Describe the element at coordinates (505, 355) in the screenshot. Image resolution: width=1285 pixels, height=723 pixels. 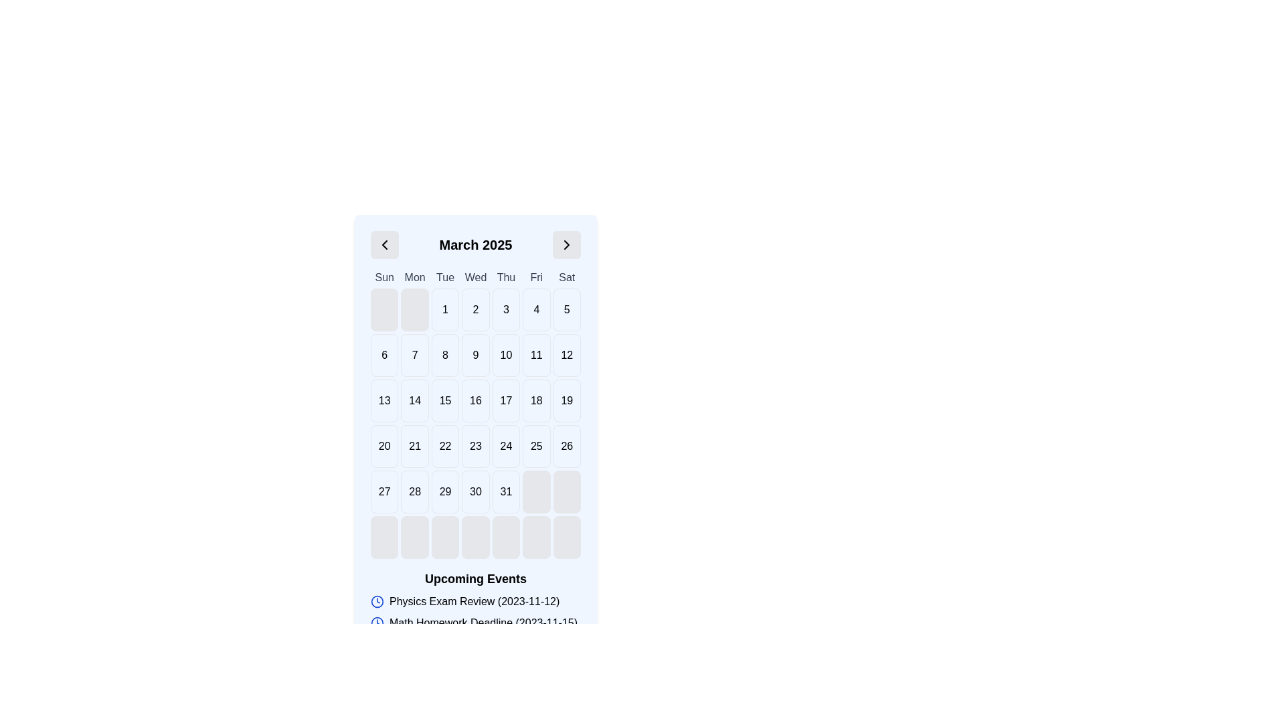
I see `the calendar date button with the number '10' that is located in the second row and fifth column of the calendar grid` at that location.